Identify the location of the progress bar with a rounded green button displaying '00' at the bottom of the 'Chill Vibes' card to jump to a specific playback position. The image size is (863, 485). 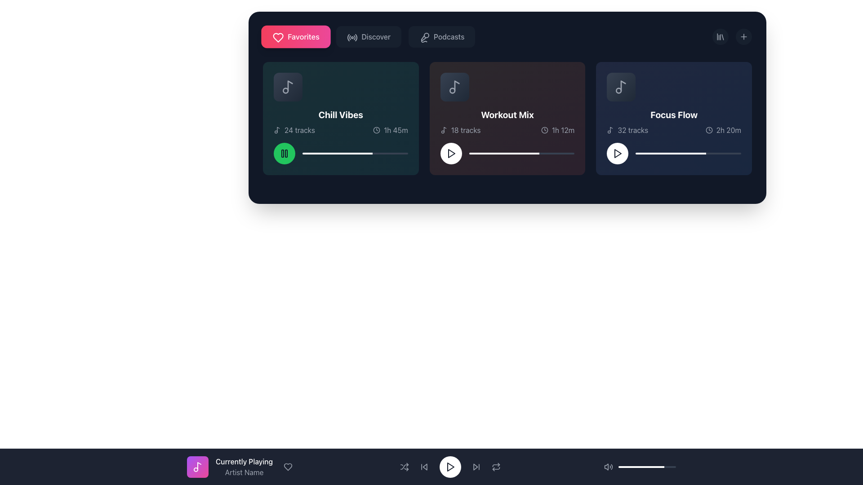
(340, 153).